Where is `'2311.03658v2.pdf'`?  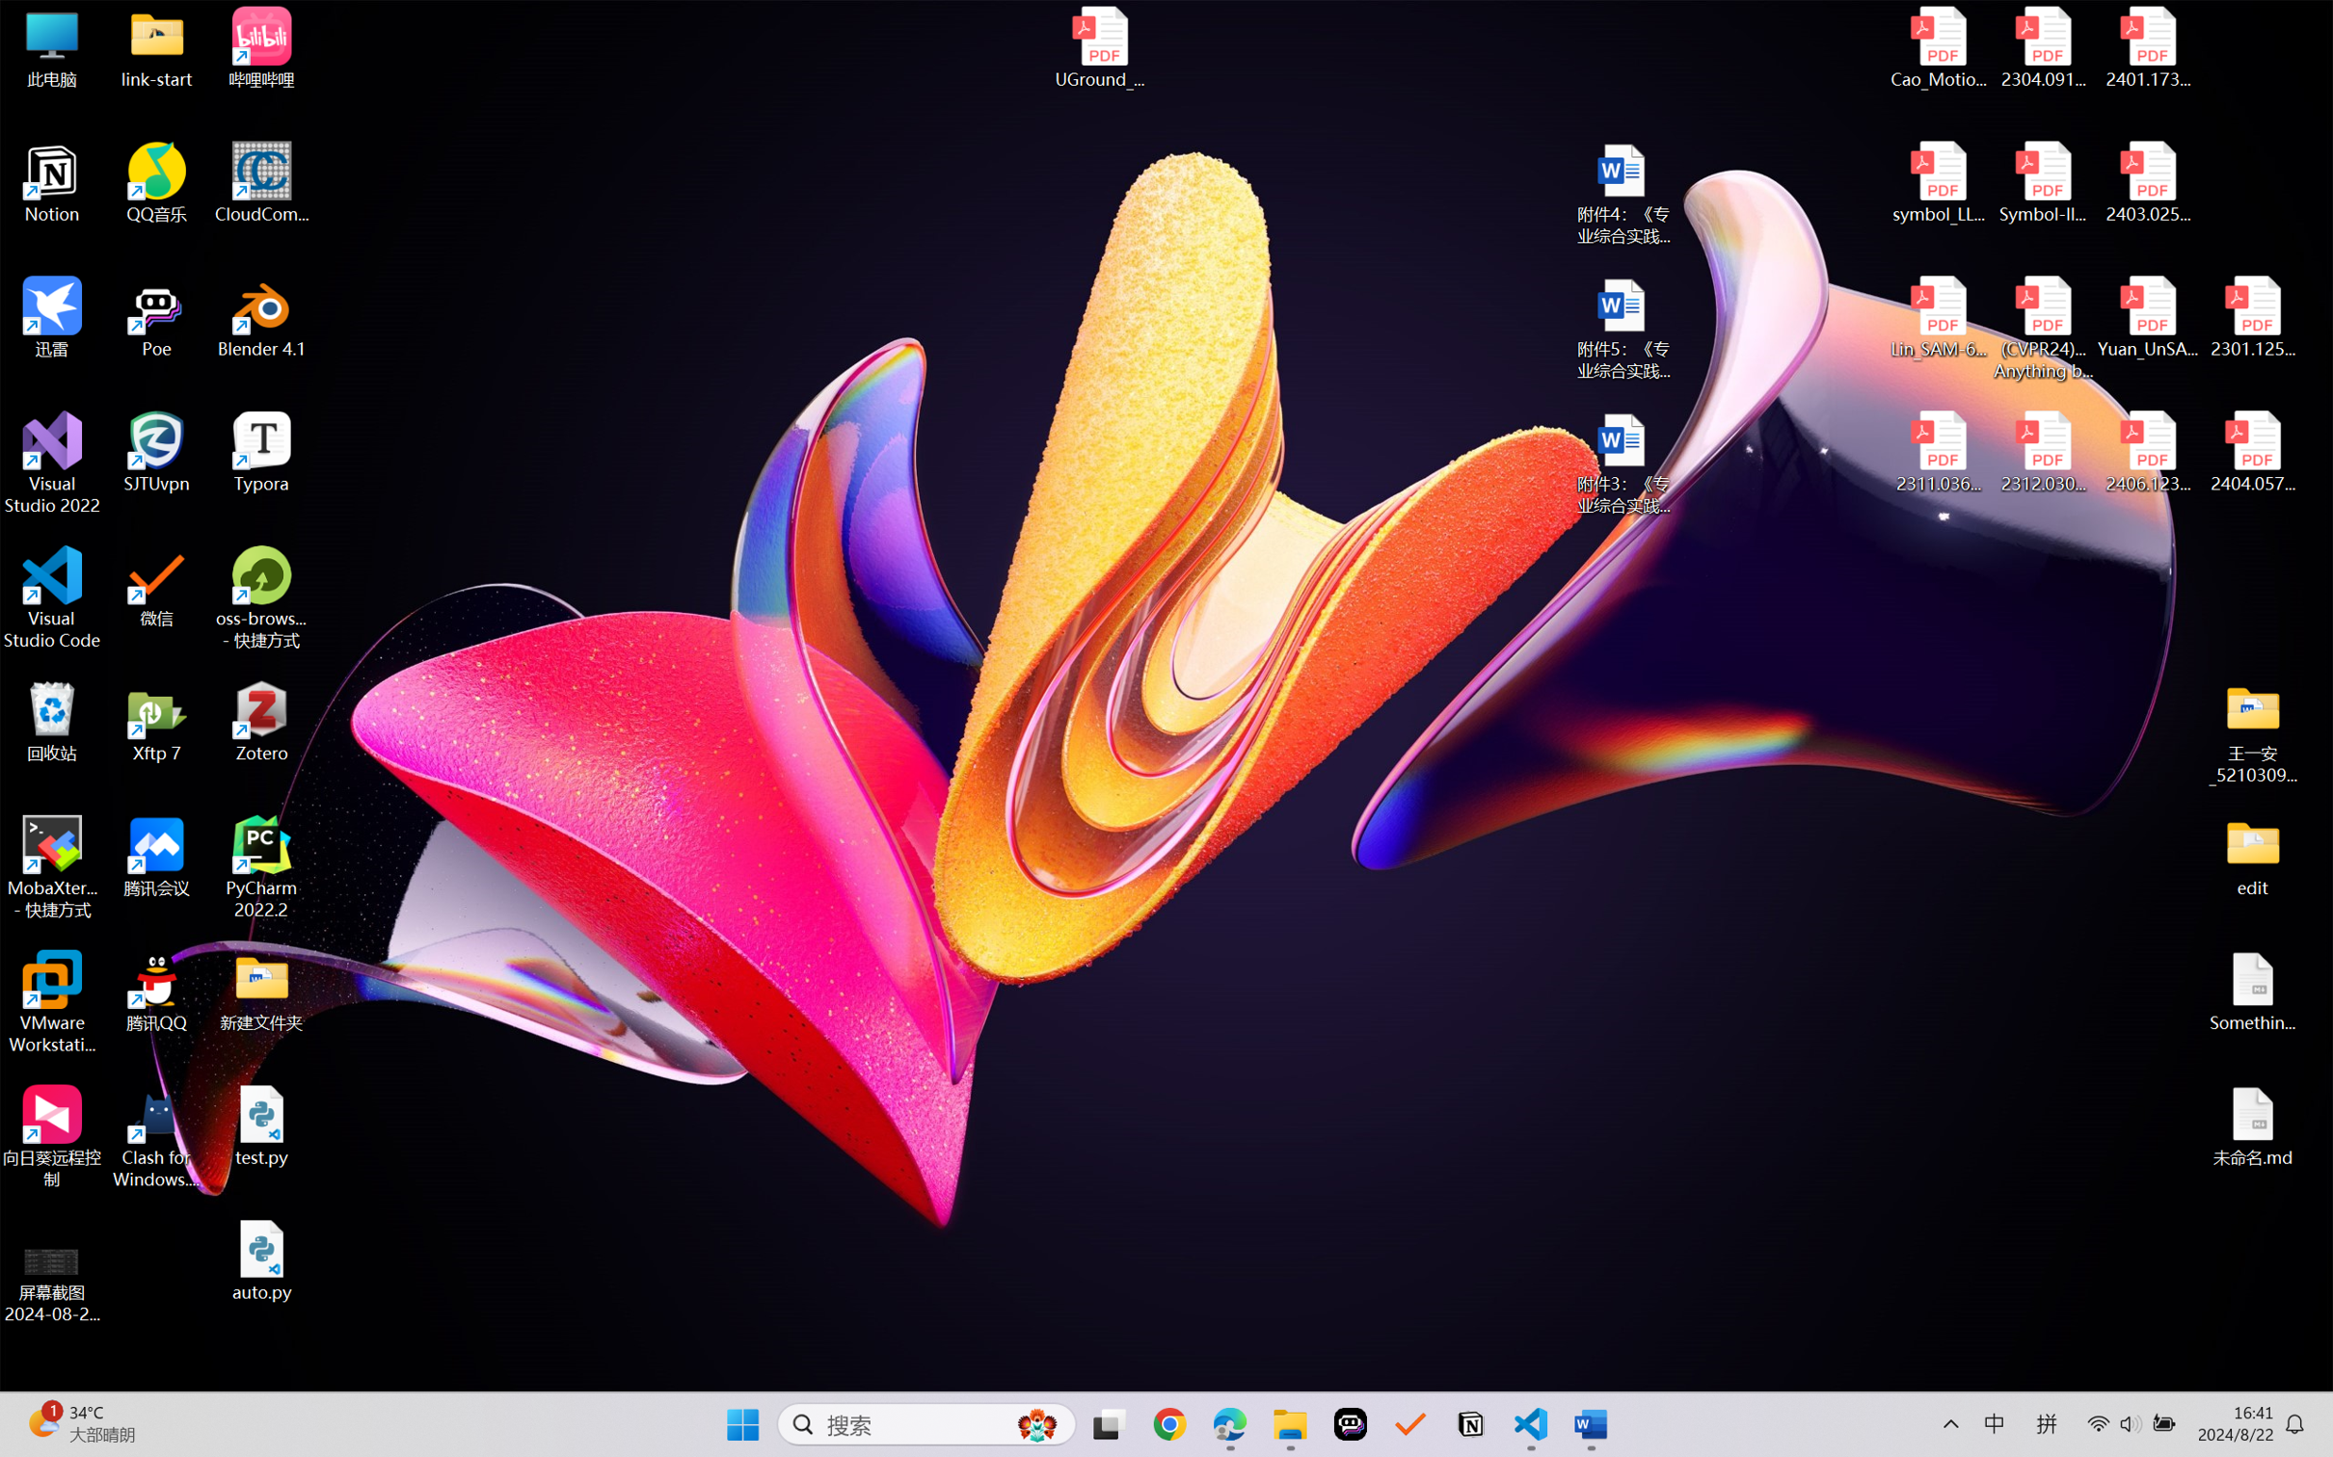
'2311.03658v2.pdf' is located at coordinates (1939, 452).